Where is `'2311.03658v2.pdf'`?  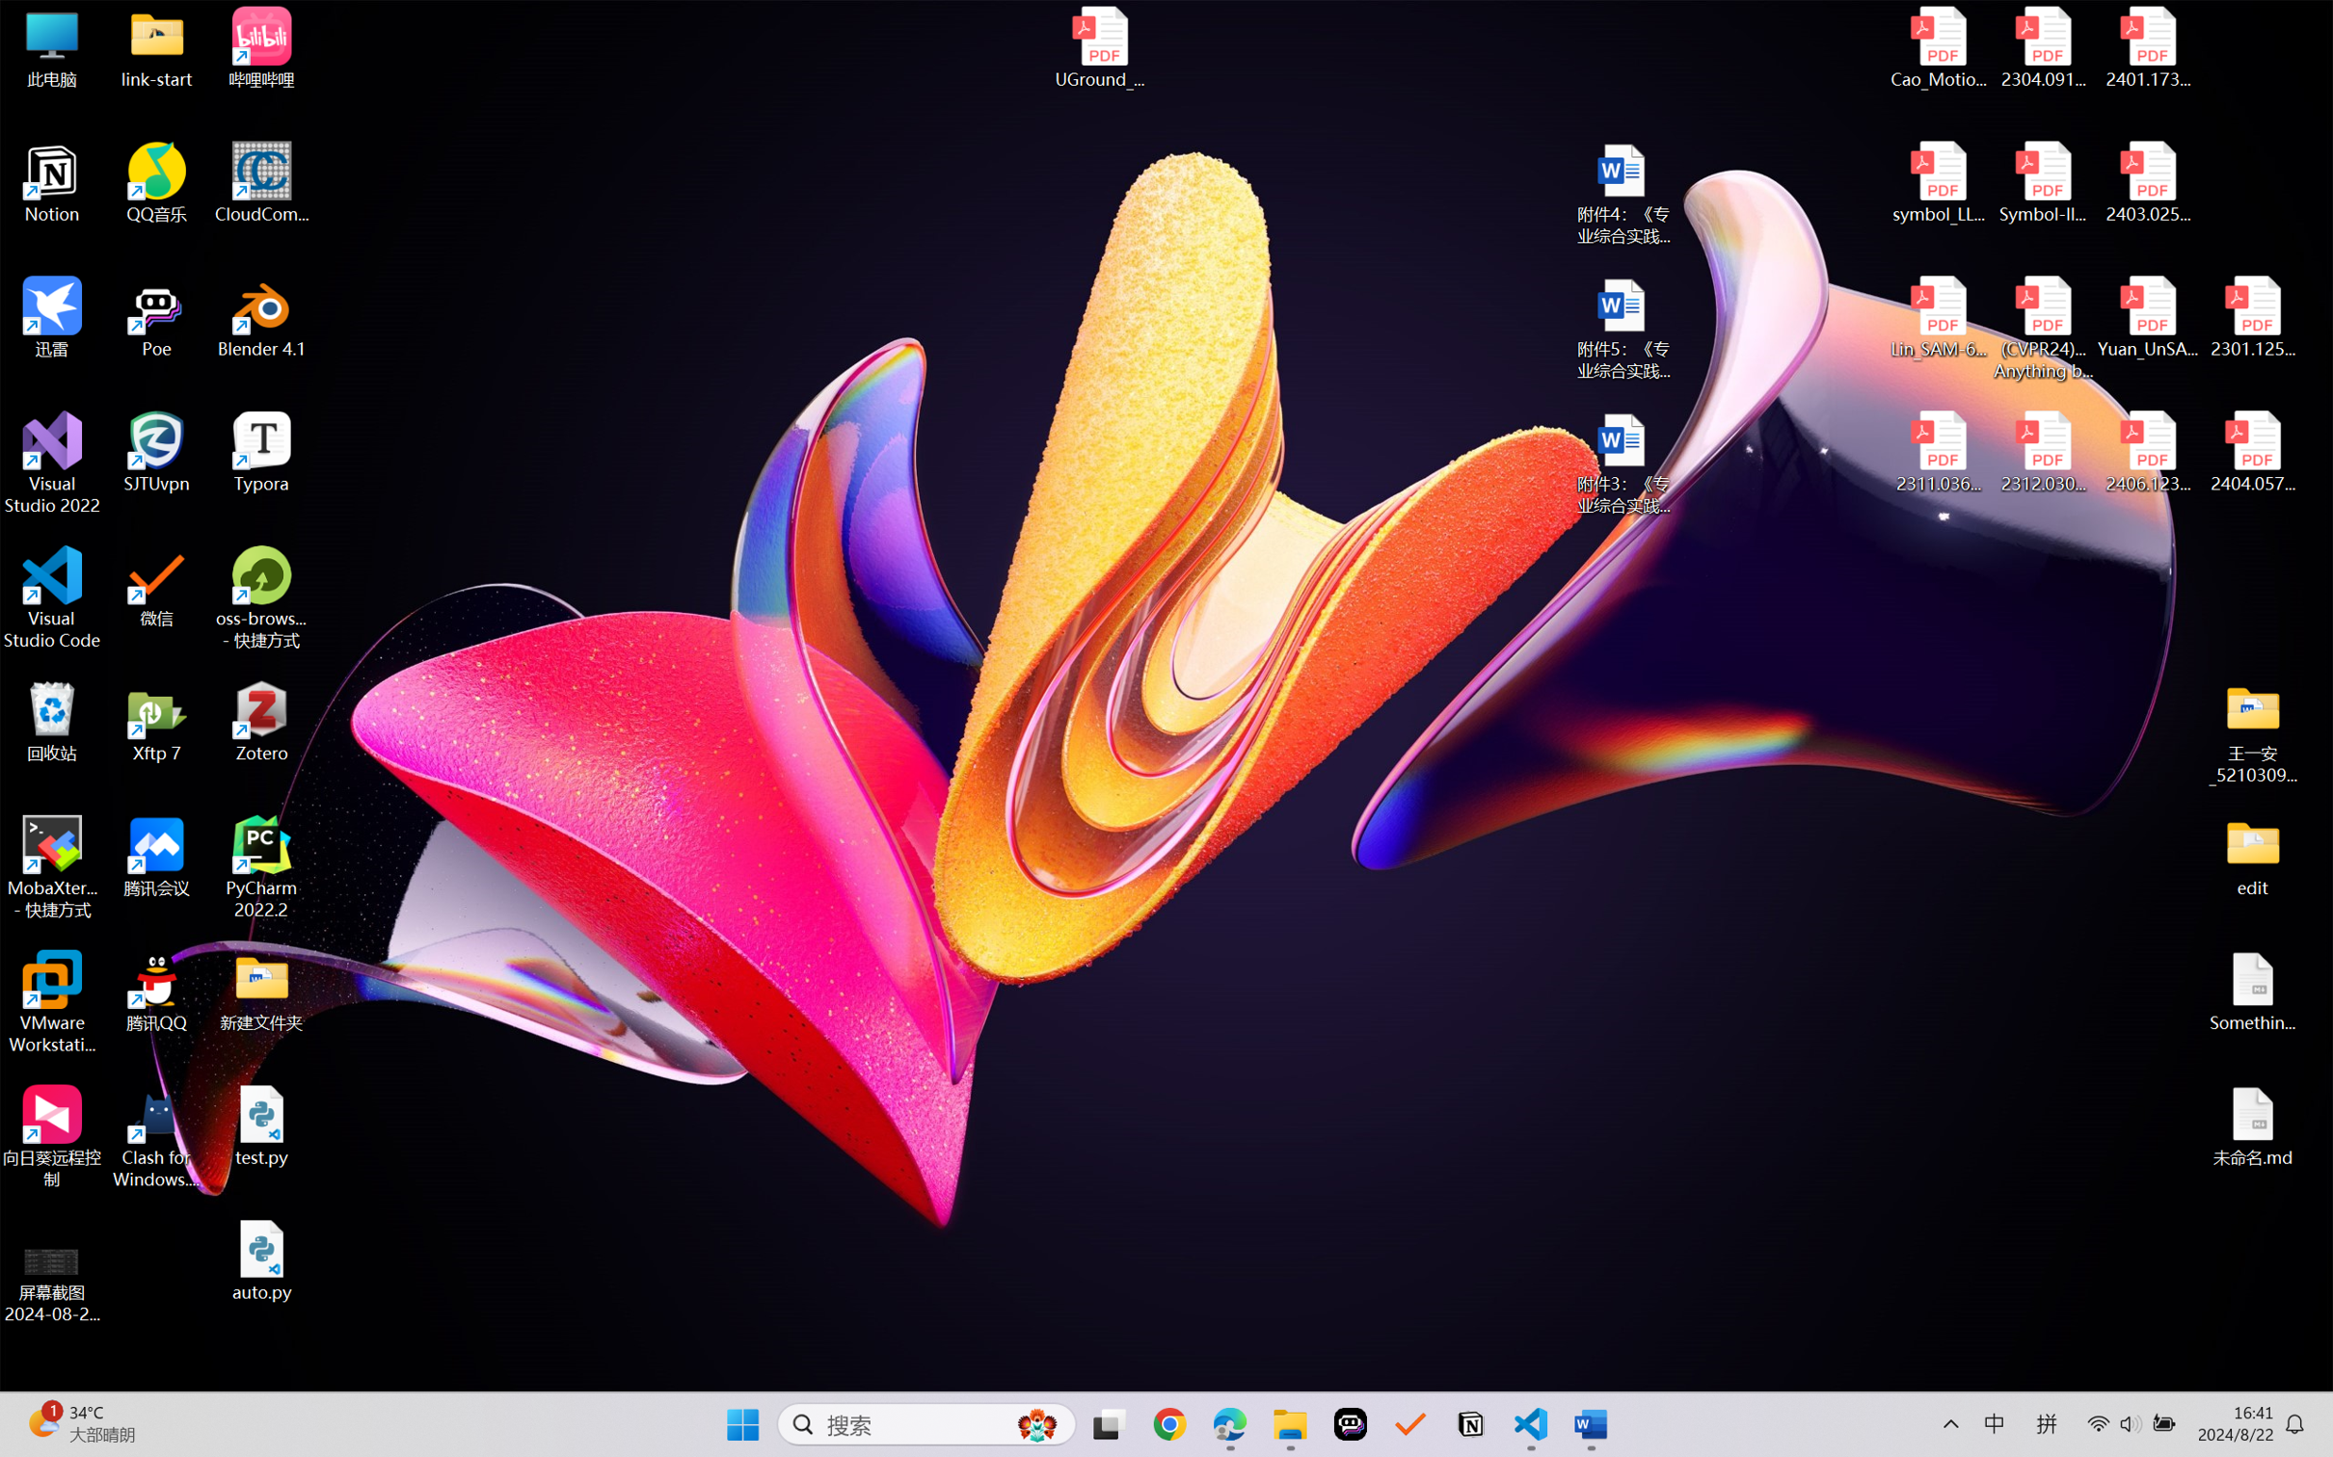
'2311.03658v2.pdf' is located at coordinates (1939, 452).